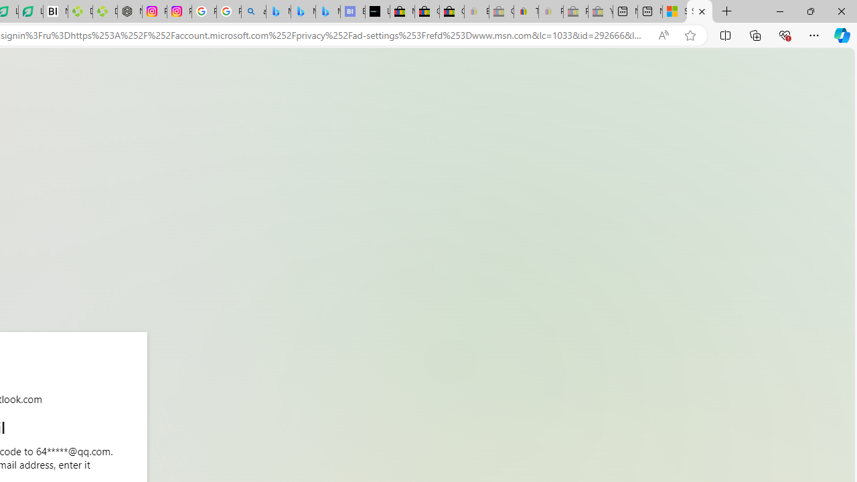  I want to click on 'Threats and offensive language policy | eBay', so click(525, 11).